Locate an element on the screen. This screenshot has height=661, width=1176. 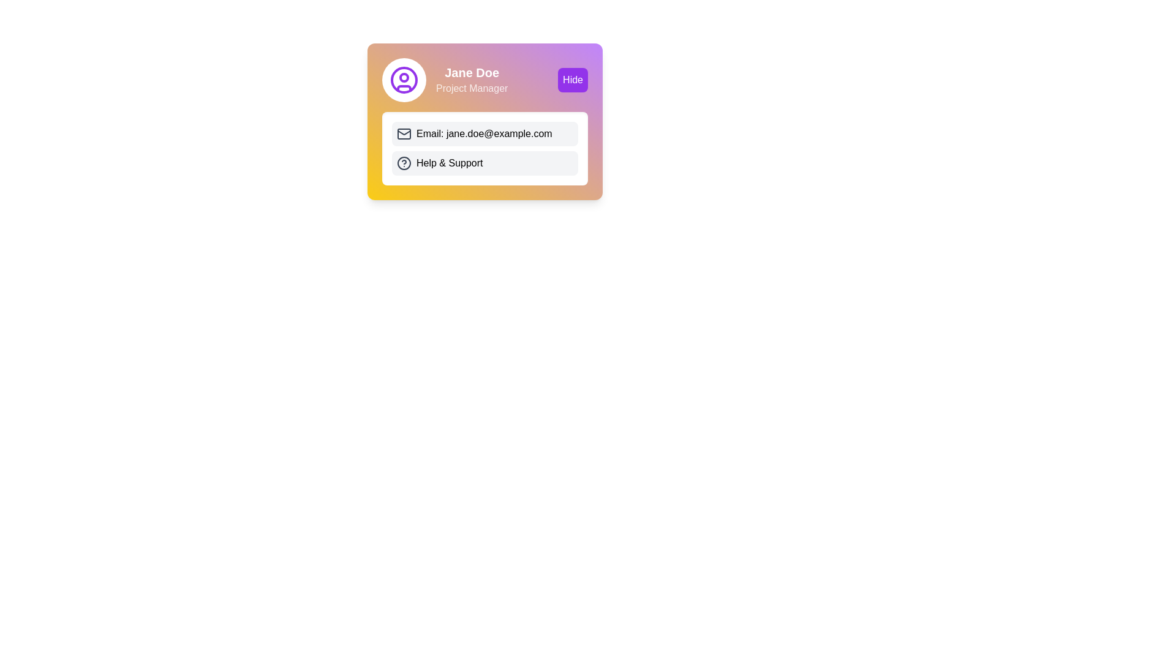
the interactive button displaying the user's email address 'jane.doe@example.com' is located at coordinates (484, 134).